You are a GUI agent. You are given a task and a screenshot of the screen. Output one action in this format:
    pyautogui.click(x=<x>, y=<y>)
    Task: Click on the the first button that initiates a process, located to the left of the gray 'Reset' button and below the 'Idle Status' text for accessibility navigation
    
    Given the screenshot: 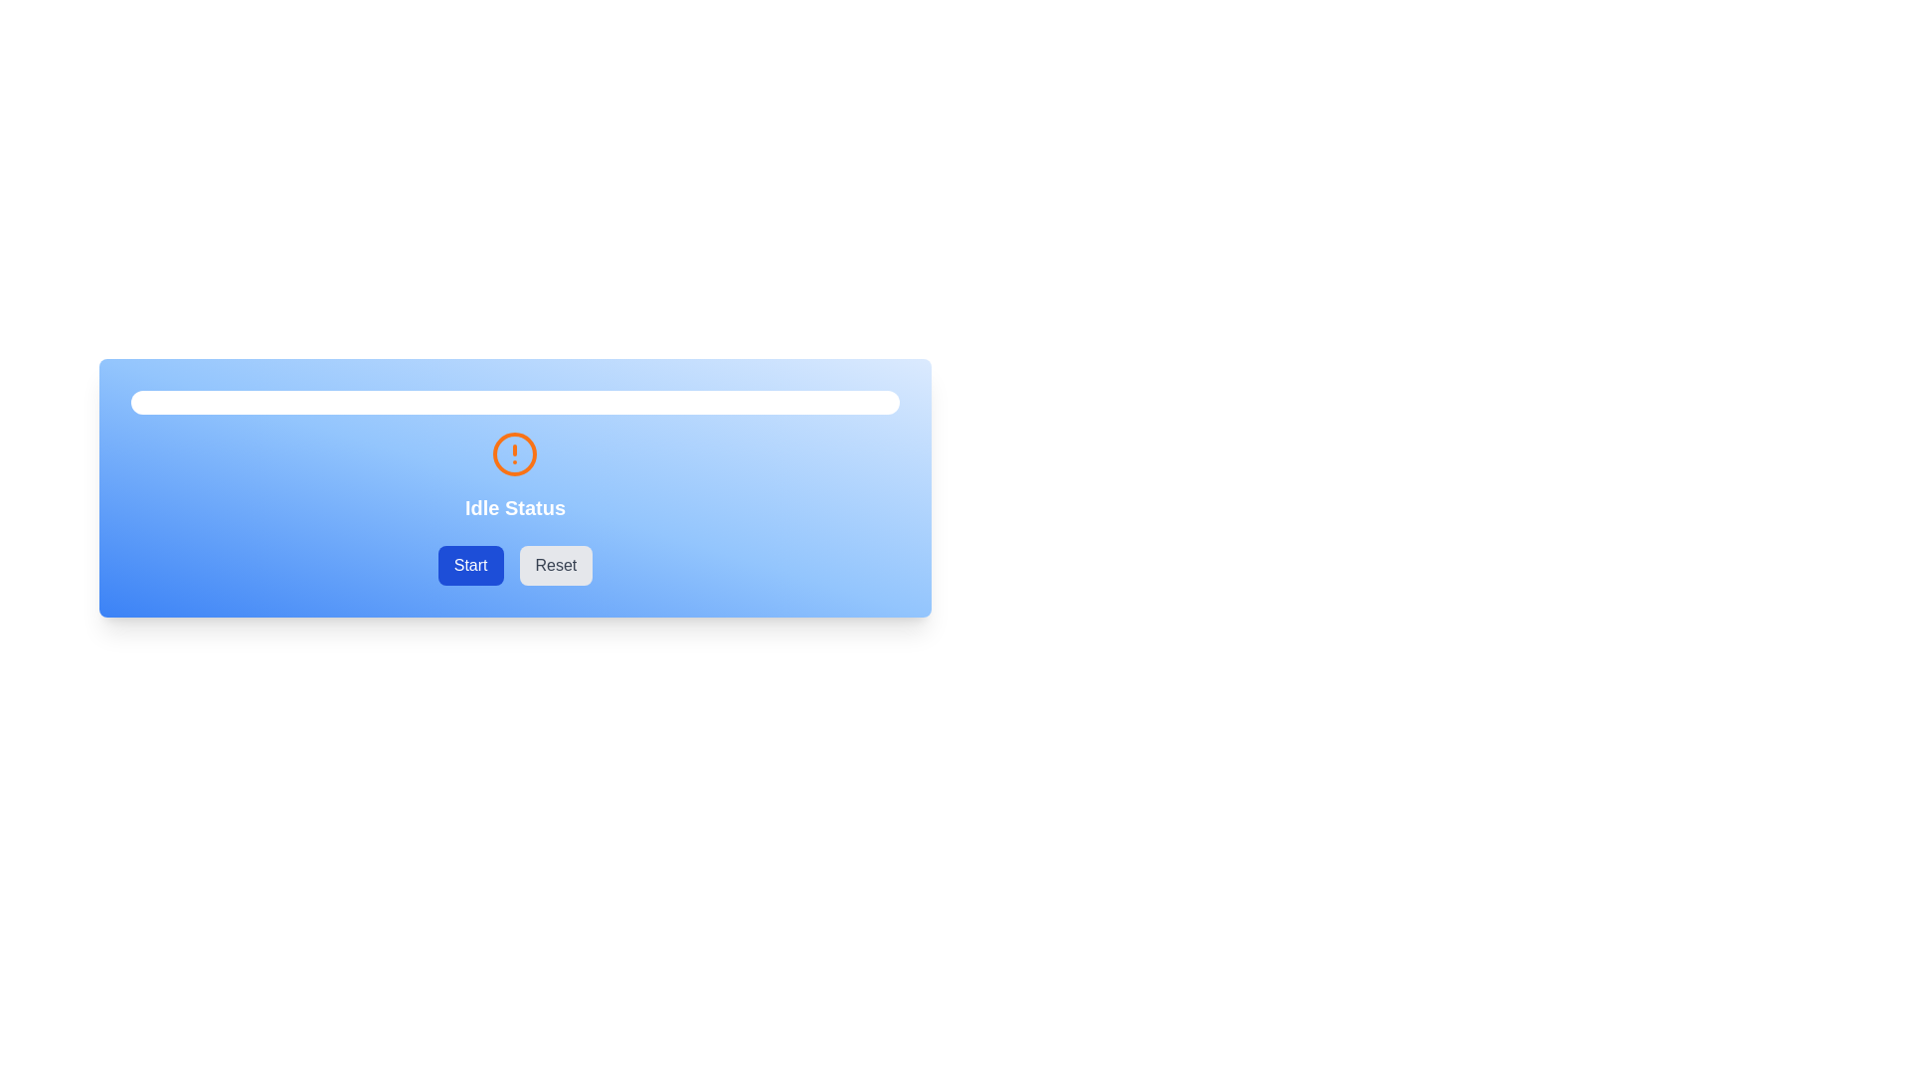 What is the action you would take?
    pyautogui.click(x=469, y=566)
    